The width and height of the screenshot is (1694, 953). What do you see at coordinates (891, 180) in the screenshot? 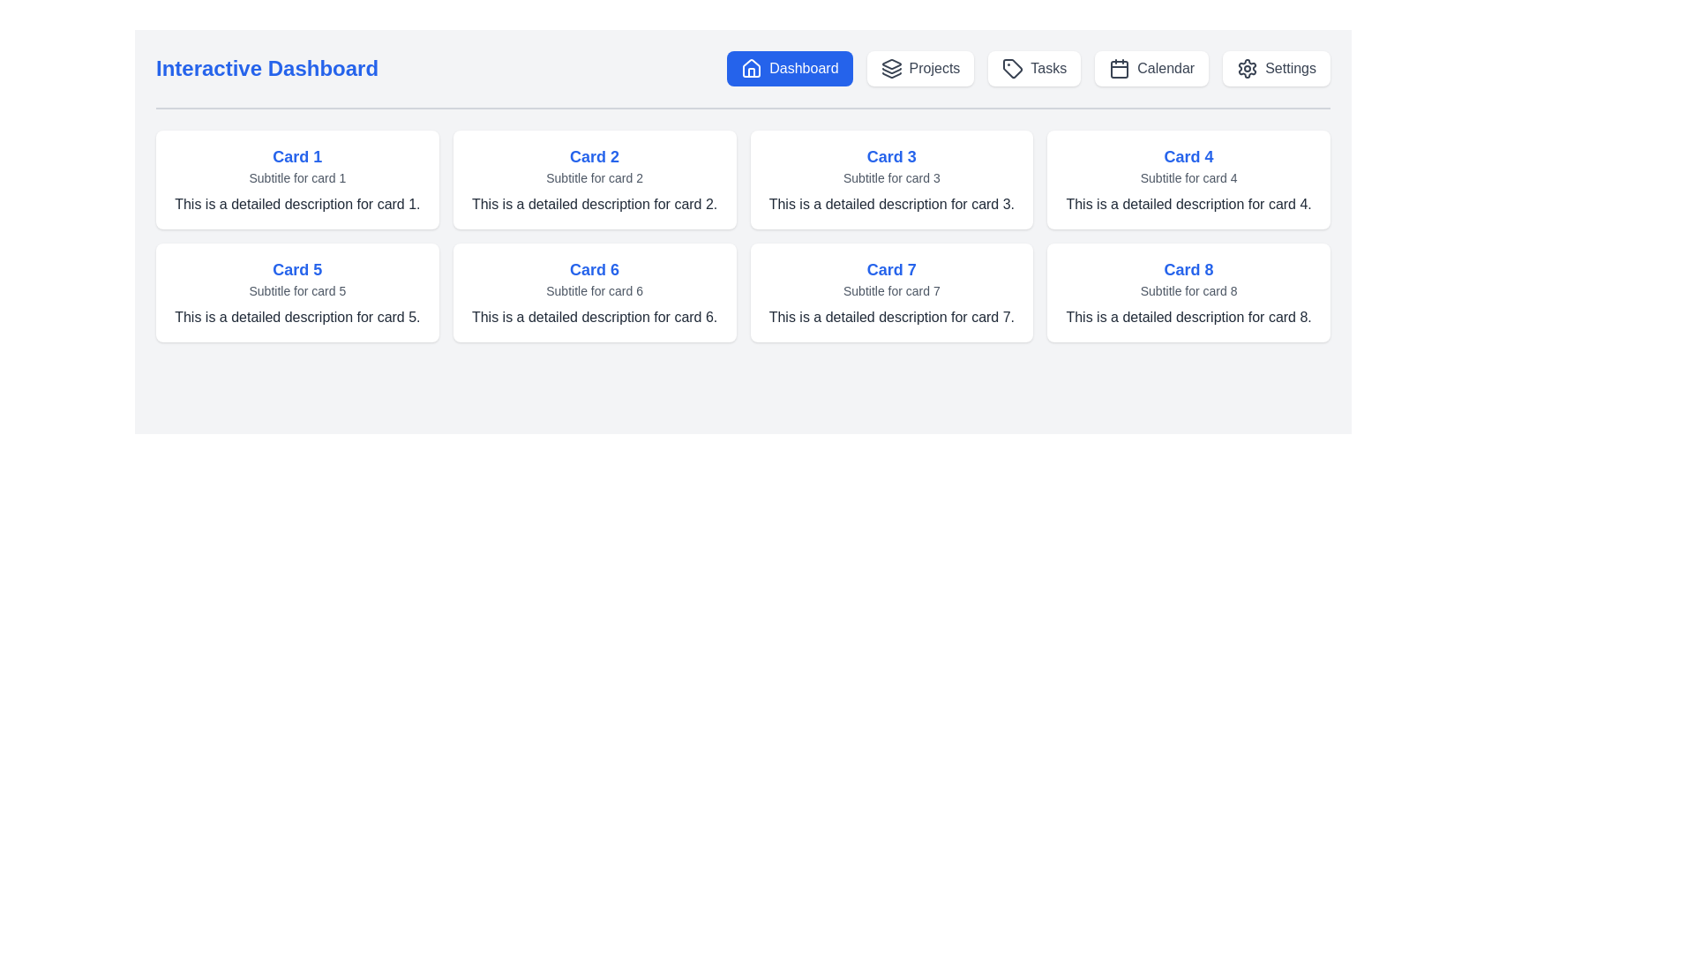
I see `the Card component located in the first row and third column of the grid, positioned between 'Card 2' and 'Card 4'` at bounding box center [891, 180].